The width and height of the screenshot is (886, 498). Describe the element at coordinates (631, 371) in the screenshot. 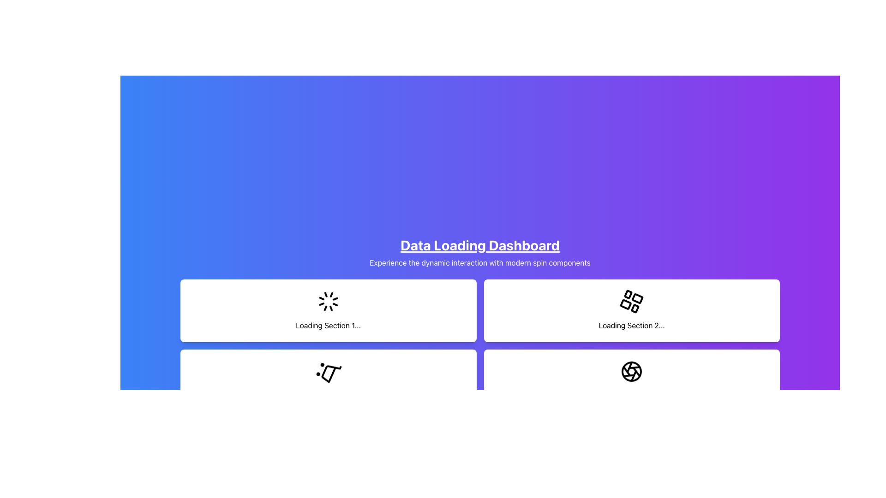

I see `the innermost SVG circle of the loading spinner animation located in the bottom-right quadrant of the interface` at that location.